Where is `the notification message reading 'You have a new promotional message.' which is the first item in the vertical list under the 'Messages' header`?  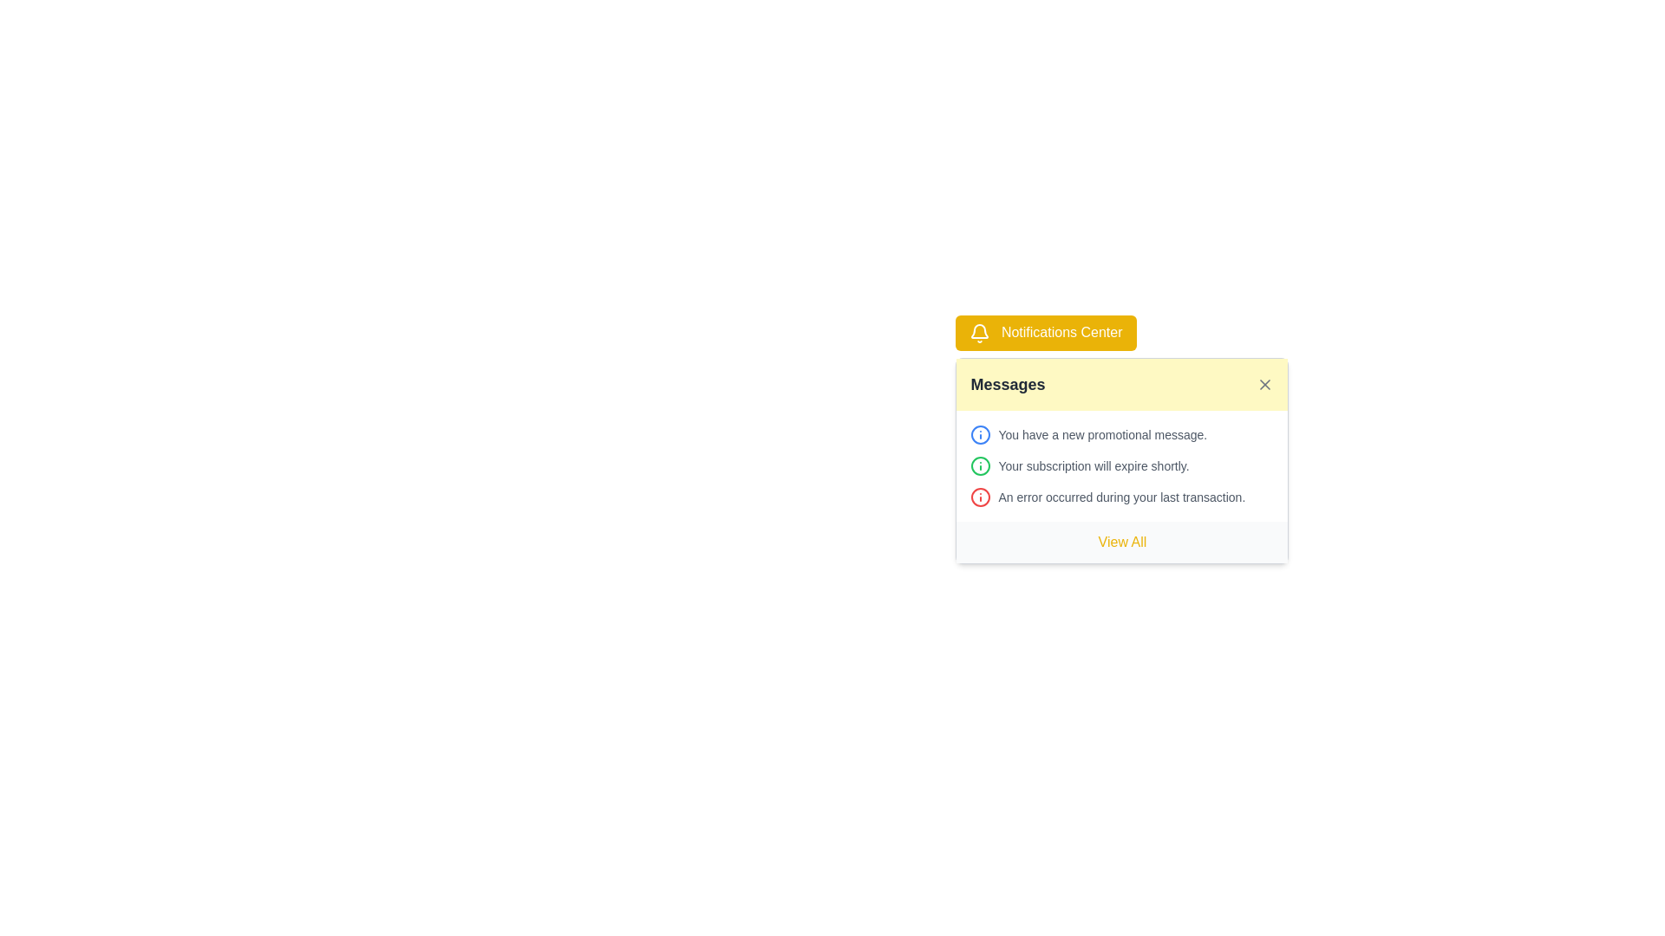 the notification message reading 'You have a new promotional message.' which is the first item in the vertical list under the 'Messages' header is located at coordinates (1101, 433).